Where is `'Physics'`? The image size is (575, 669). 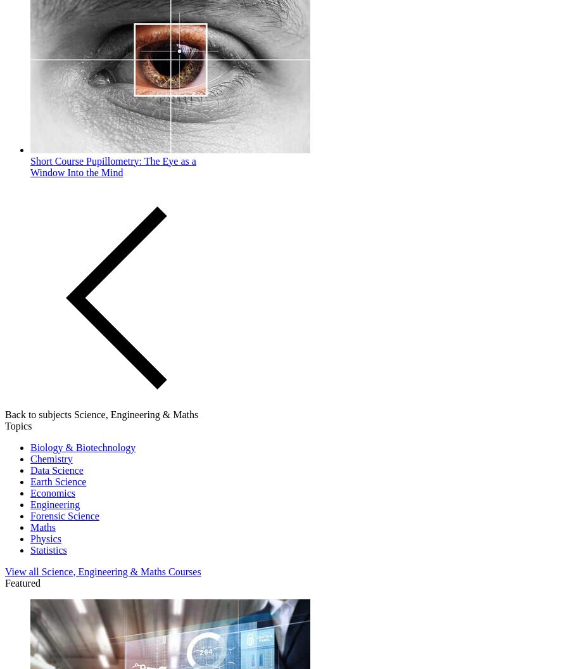
'Physics' is located at coordinates (46, 538).